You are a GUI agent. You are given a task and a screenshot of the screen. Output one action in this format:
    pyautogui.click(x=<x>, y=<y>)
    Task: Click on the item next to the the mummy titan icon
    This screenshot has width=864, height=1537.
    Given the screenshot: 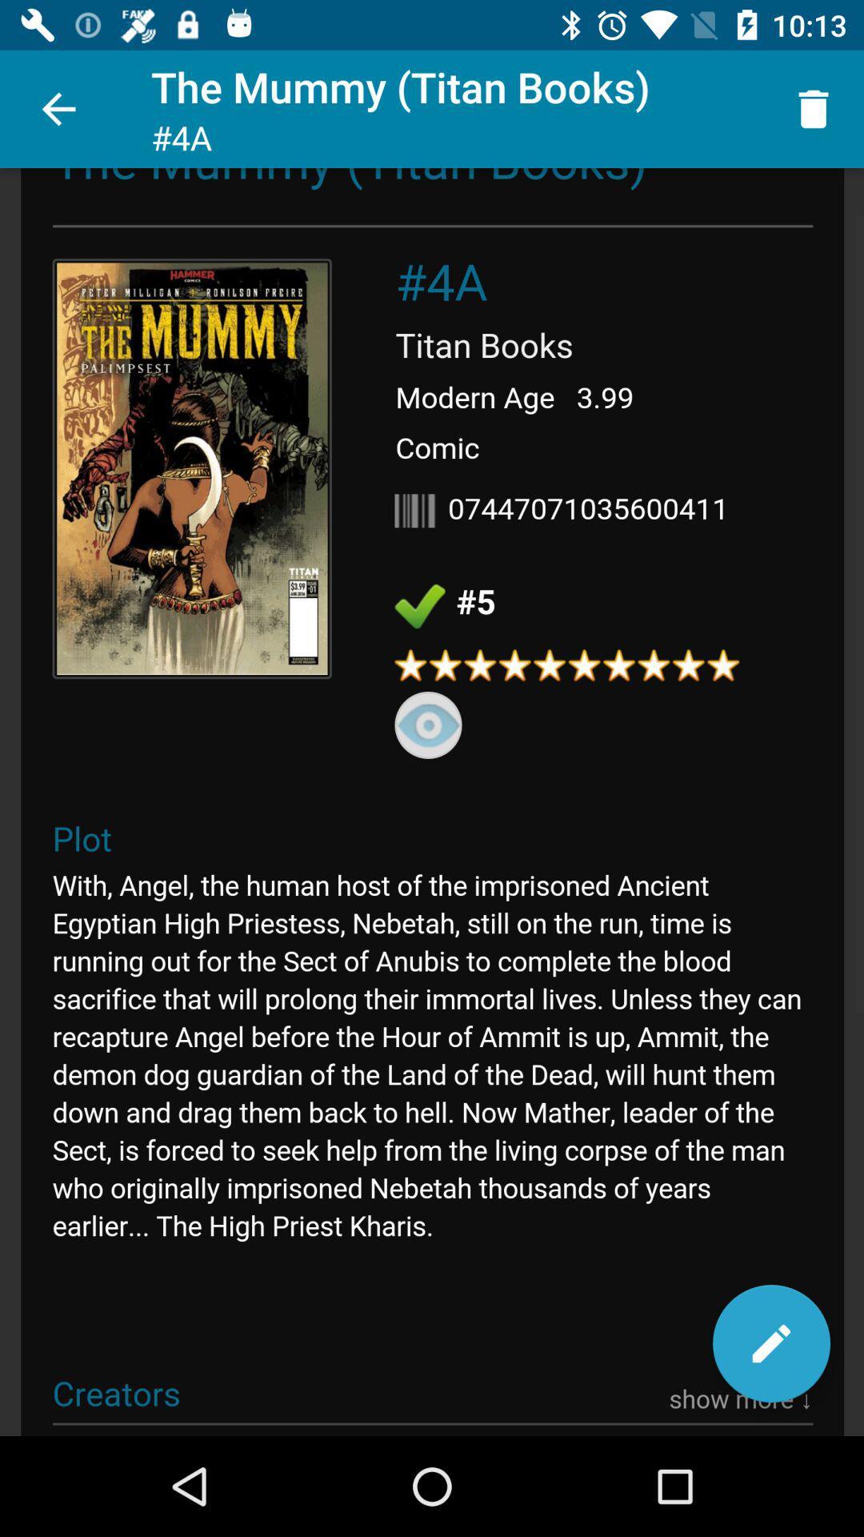 What is the action you would take?
    pyautogui.click(x=814, y=108)
    